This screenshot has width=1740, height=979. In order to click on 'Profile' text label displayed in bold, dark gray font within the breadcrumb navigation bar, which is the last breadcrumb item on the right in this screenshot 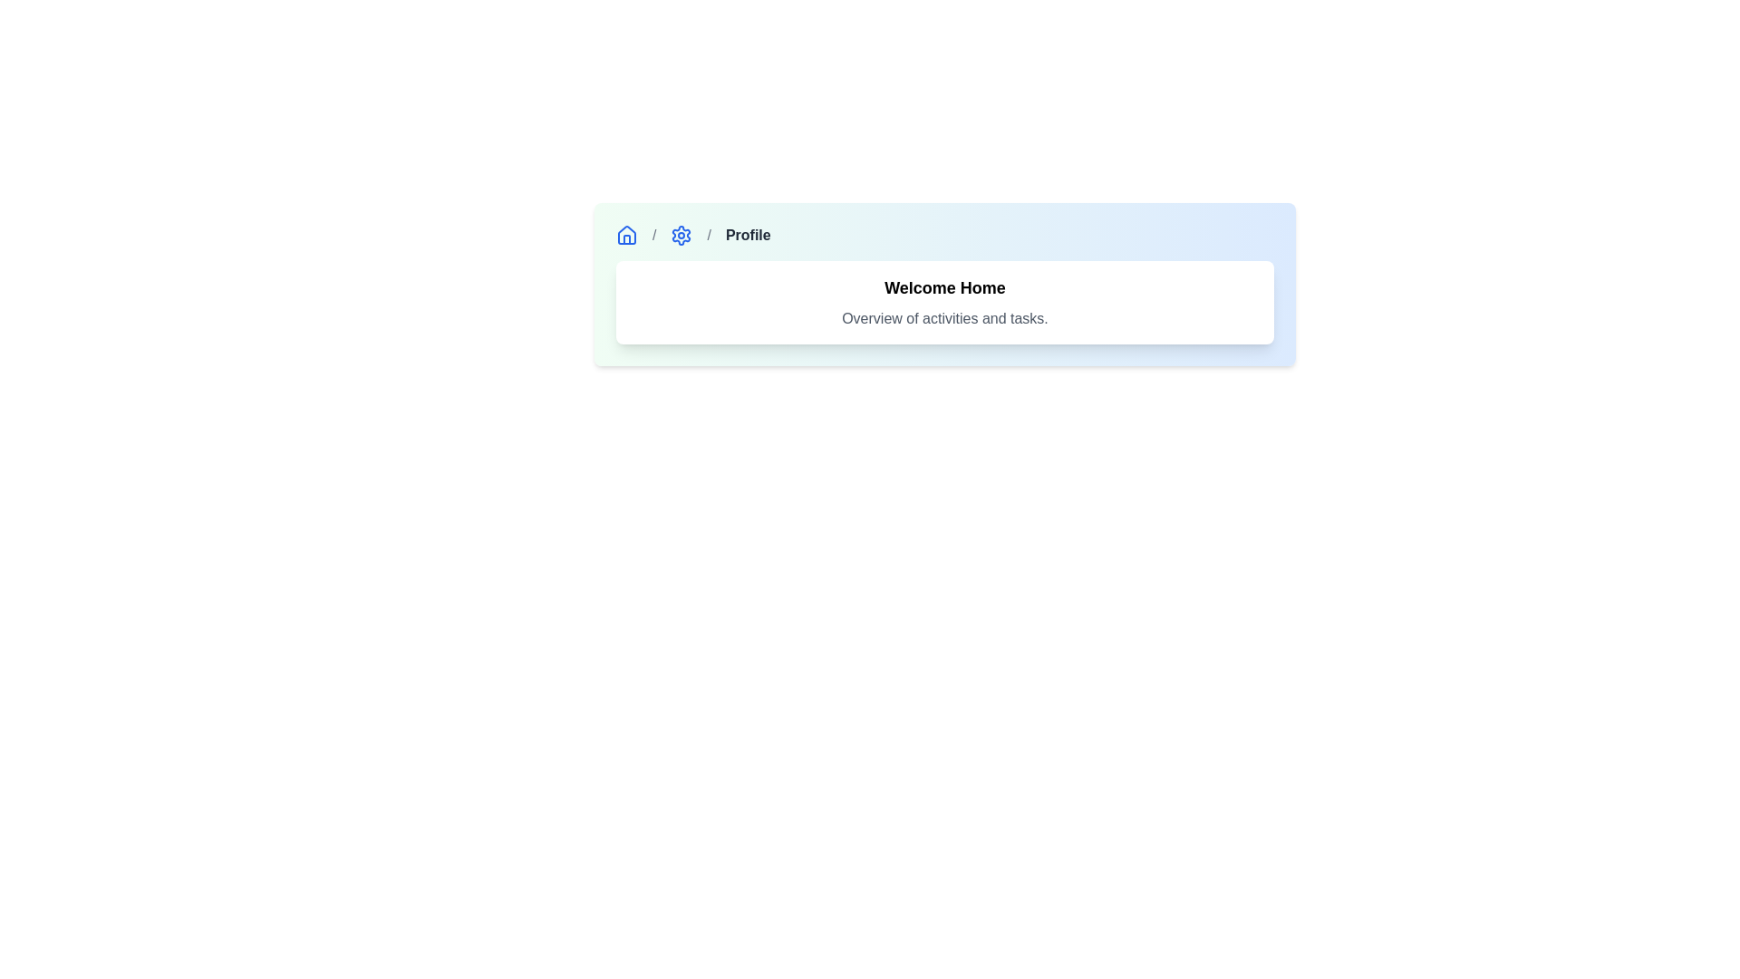, I will do `click(748, 234)`.